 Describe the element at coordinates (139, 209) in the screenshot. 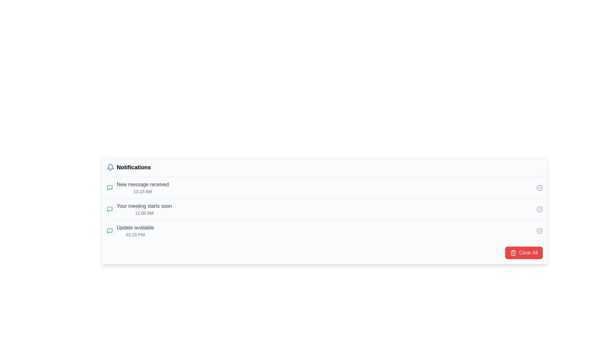

I see `the second row notification in the notification panel that reads 'Your meeting starts soon'` at that location.